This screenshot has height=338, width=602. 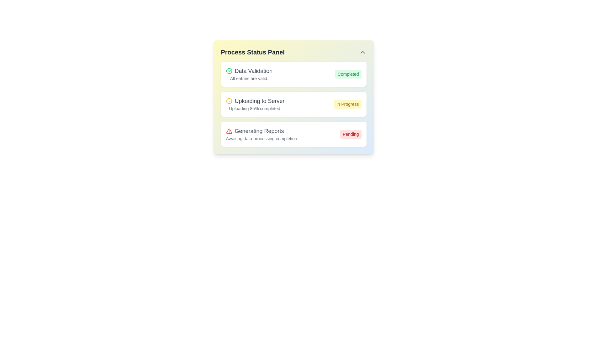 What do you see at coordinates (347, 104) in the screenshot?
I see `the Status indicator badge that shows 'Uploading to Server', which is the second status label from the top, aligned to the right of its process title` at bounding box center [347, 104].